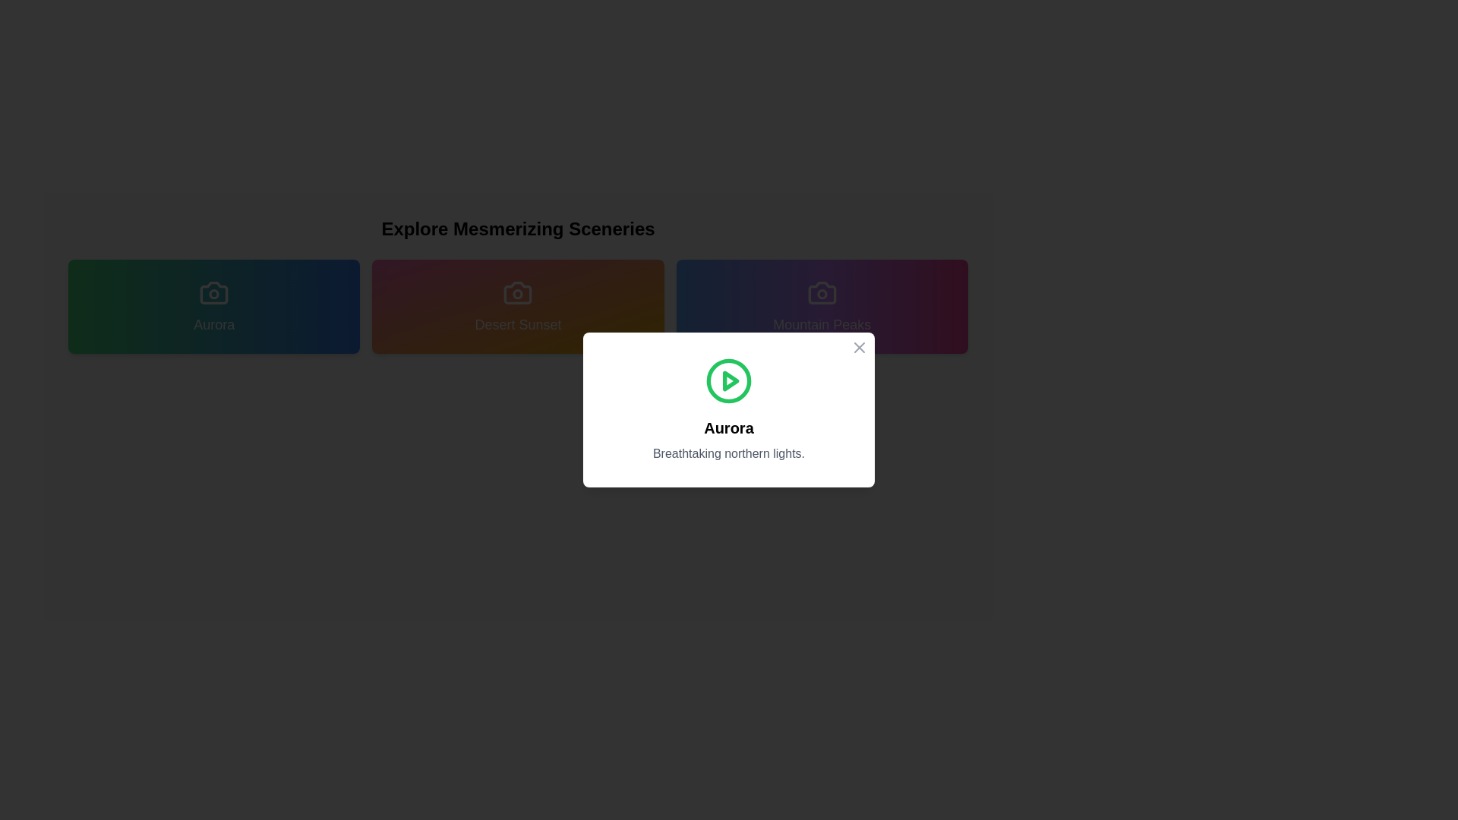  I want to click on the 'Mountain Peaks' button with a gradient background transitioning from blue to purple to pink, so click(821, 307).